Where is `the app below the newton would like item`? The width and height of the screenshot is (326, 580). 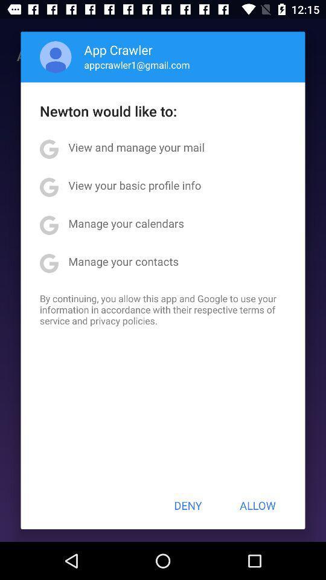
the app below the newton would like item is located at coordinates (136, 146).